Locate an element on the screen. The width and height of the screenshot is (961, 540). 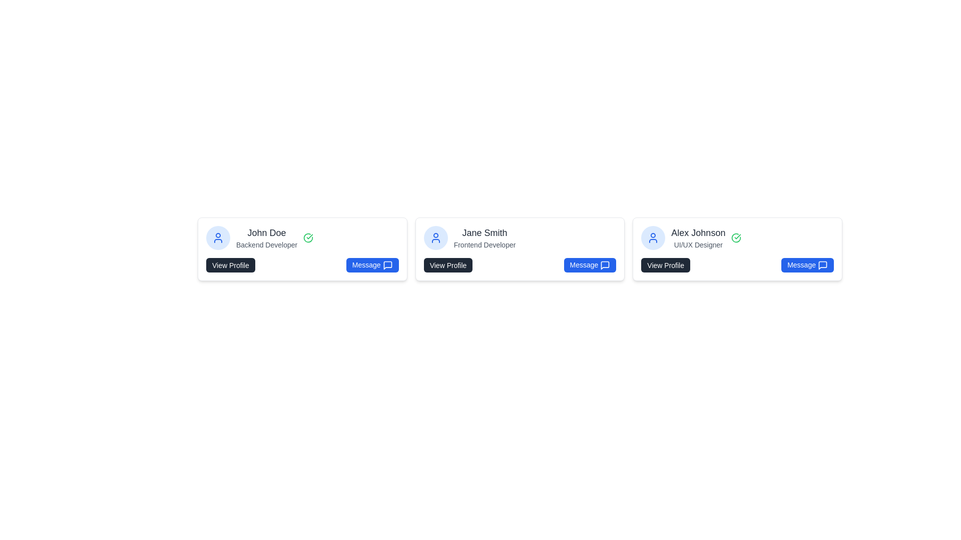
the 'View Profile' button with a dark-gray background located below 'Alex Johnson' to change its appearance is located at coordinates (666, 264).